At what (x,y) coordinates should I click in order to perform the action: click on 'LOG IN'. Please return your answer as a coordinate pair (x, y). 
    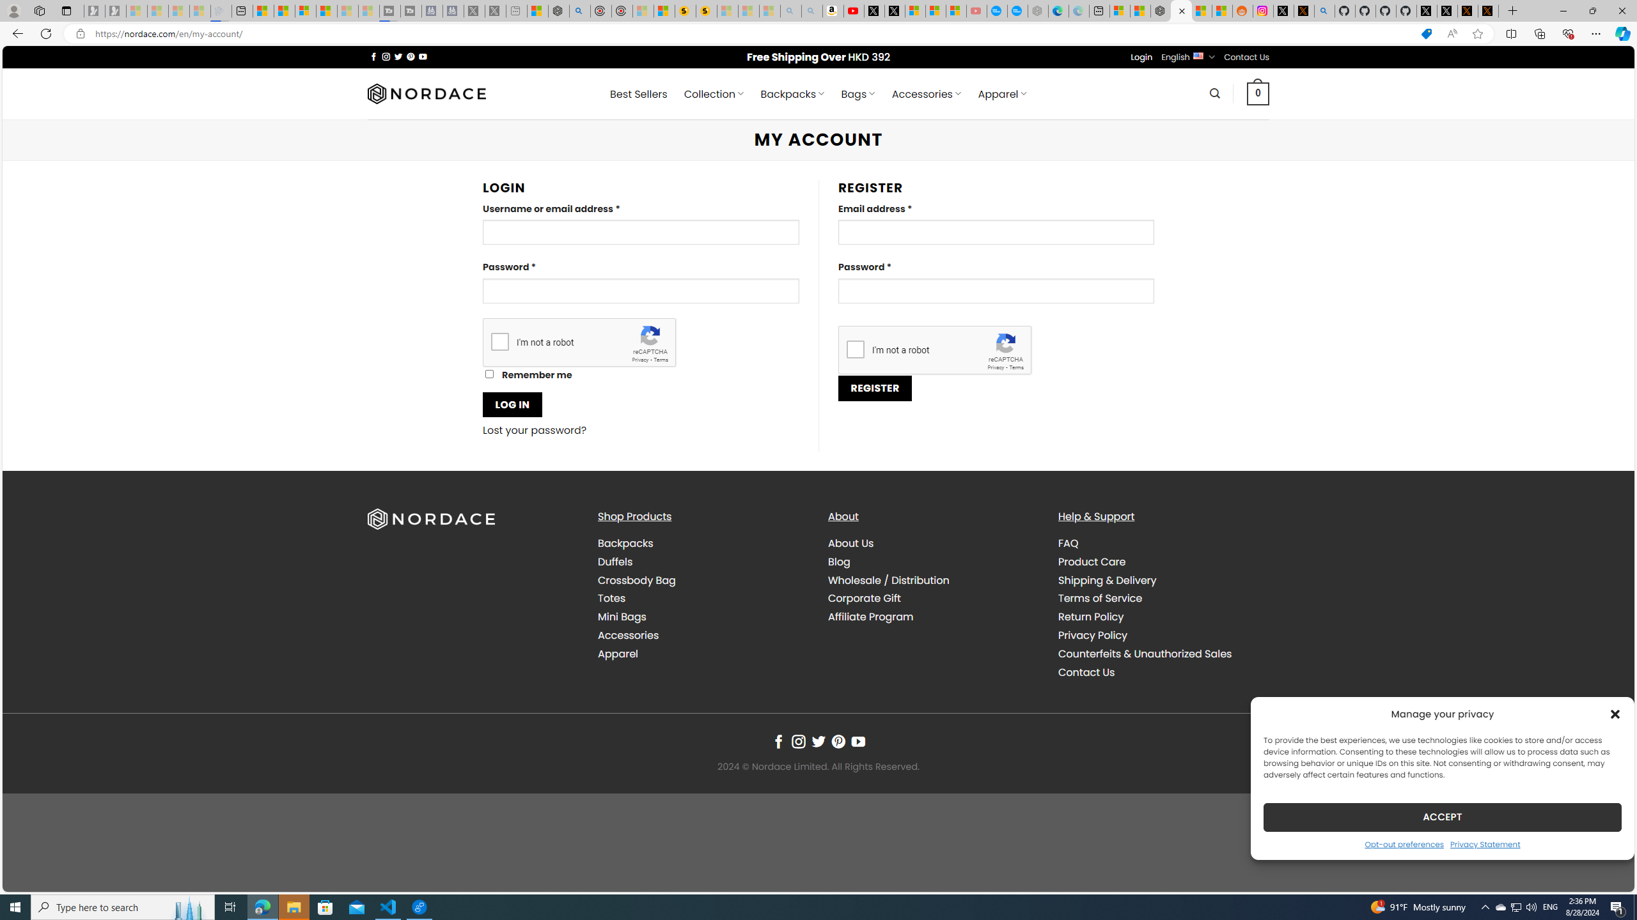
    Looking at the image, I should click on (512, 404).